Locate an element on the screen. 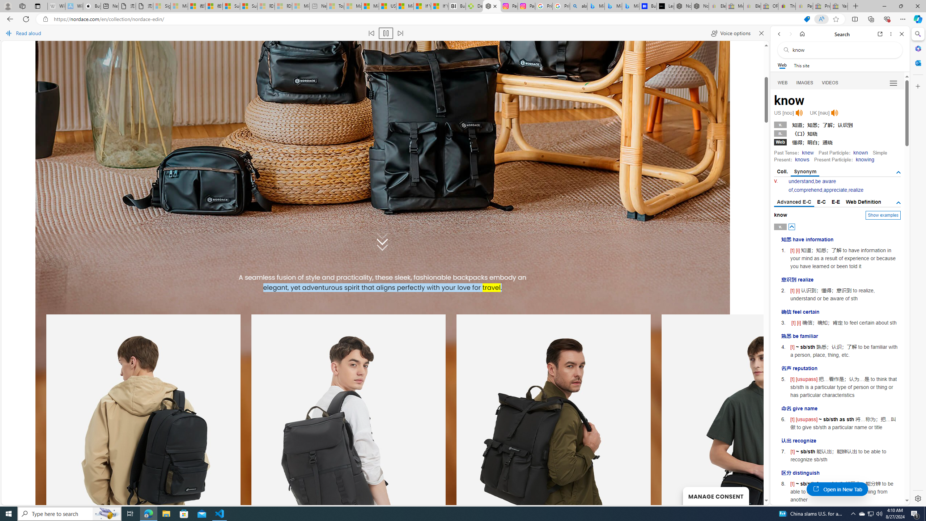 Image resolution: width=926 pixels, height=521 pixels. 'knowing' is located at coordinates (865, 159).